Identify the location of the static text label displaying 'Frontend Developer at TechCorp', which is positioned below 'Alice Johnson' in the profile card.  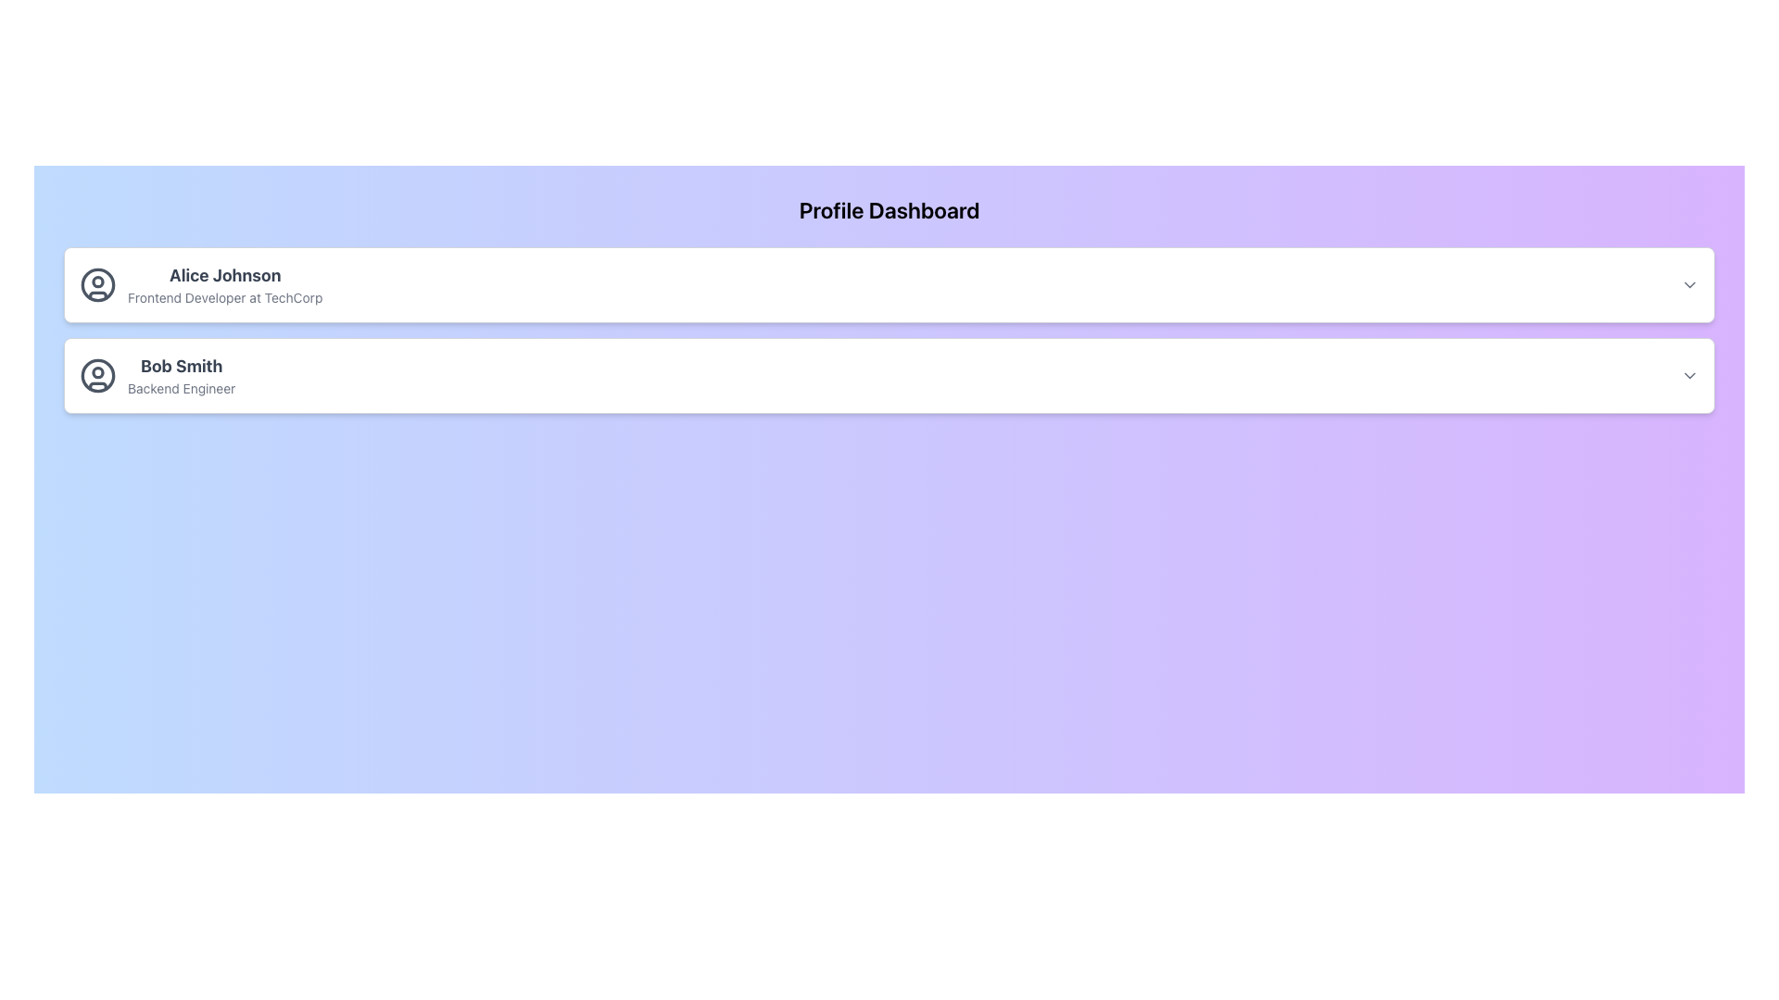
(224, 296).